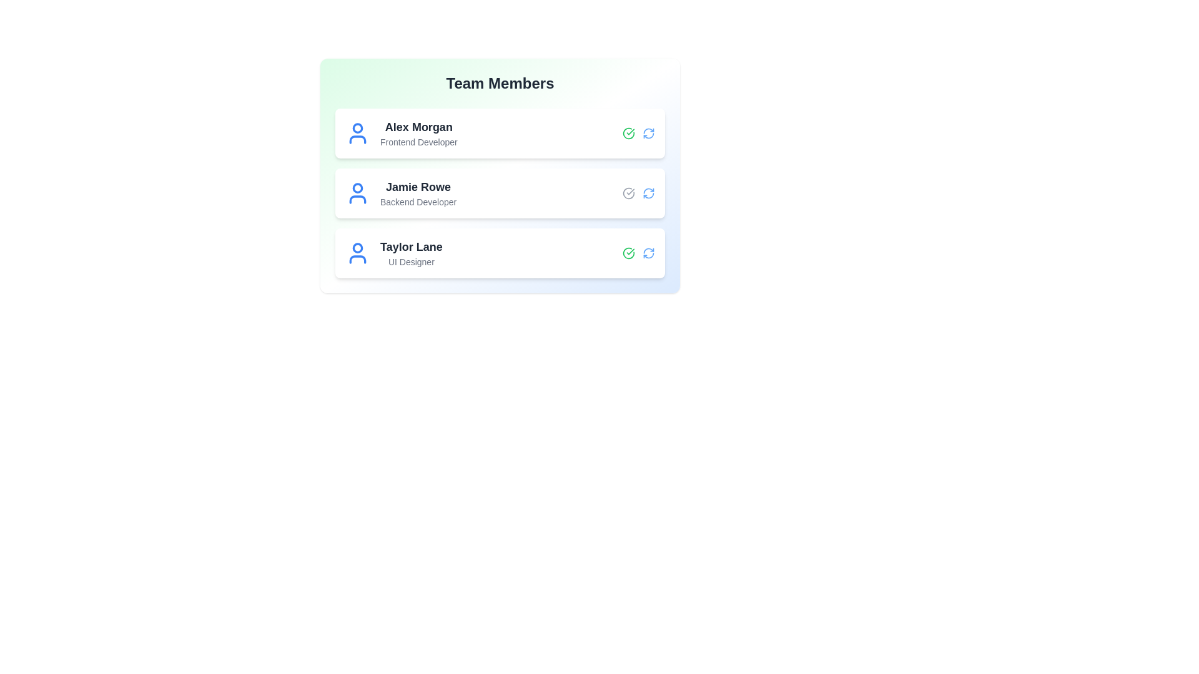 The width and height of the screenshot is (1199, 674). What do you see at coordinates (648, 133) in the screenshot?
I see `refresh icon for the member with name Alex Morgan` at bounding box center [648, 133].